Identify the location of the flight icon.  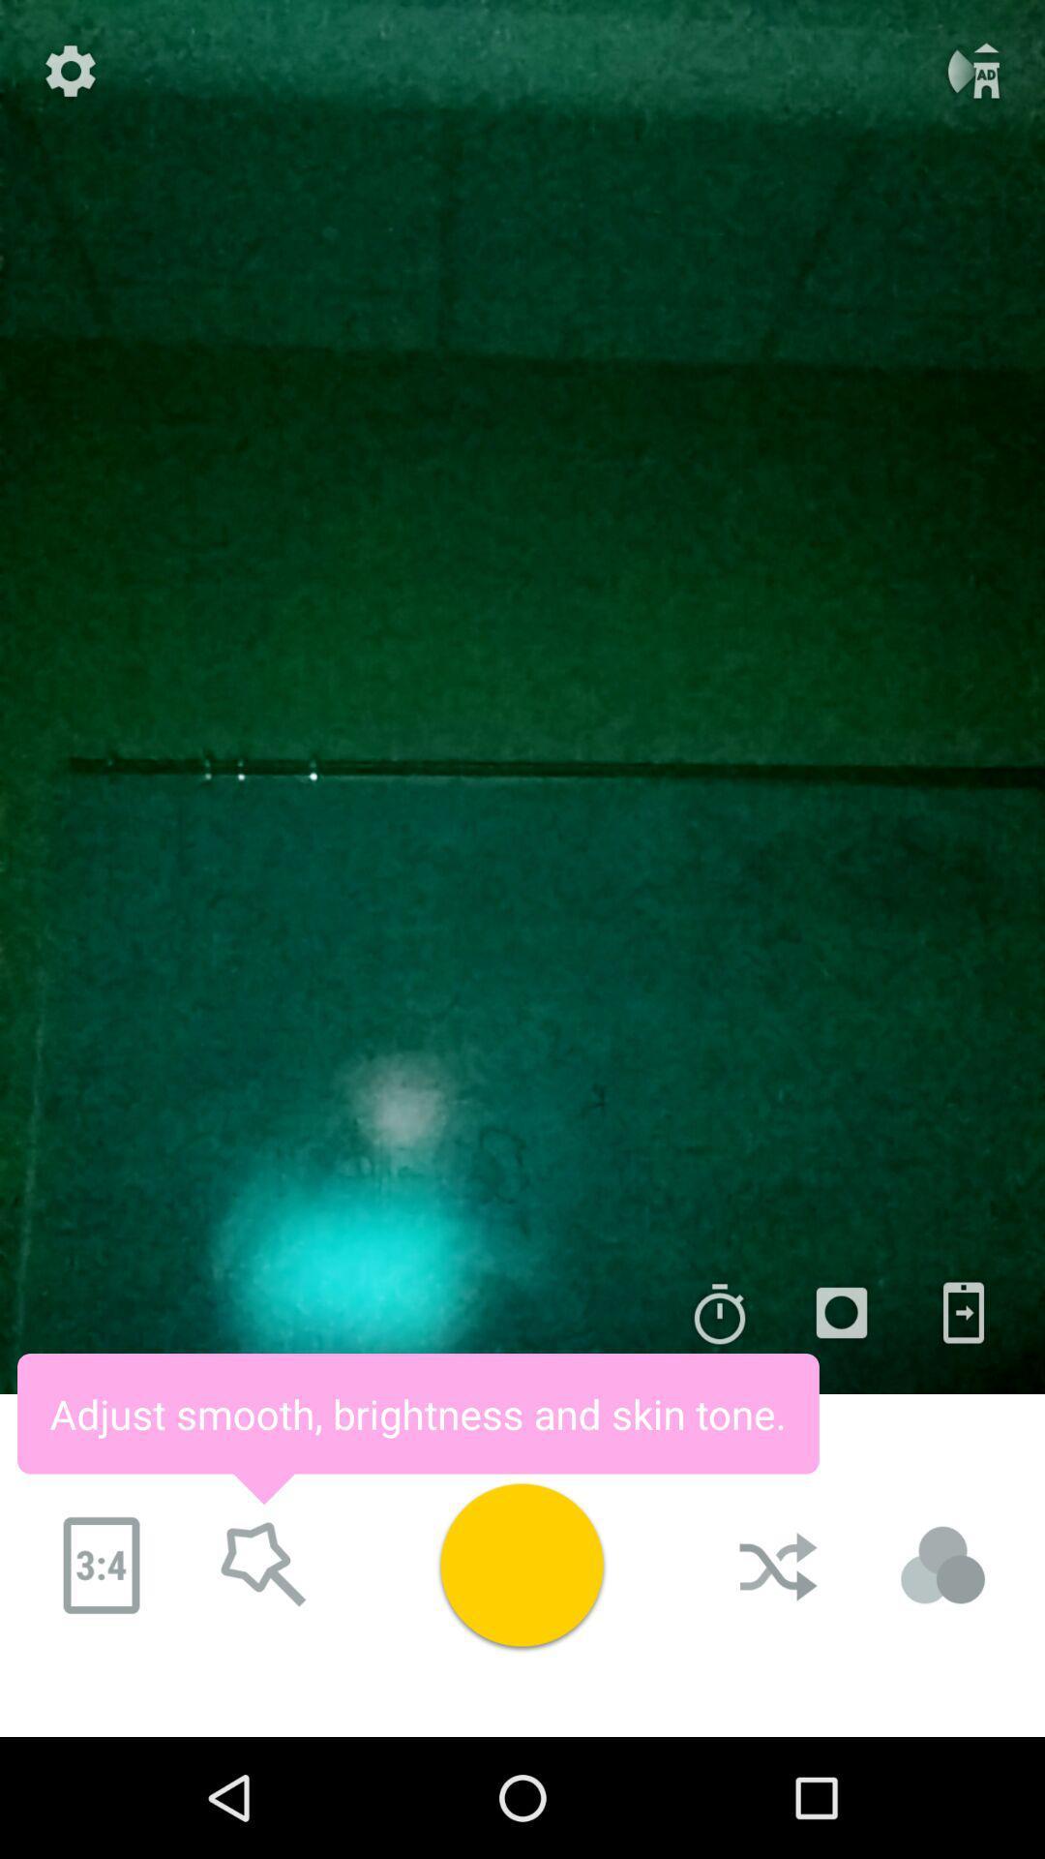
(973, 71).